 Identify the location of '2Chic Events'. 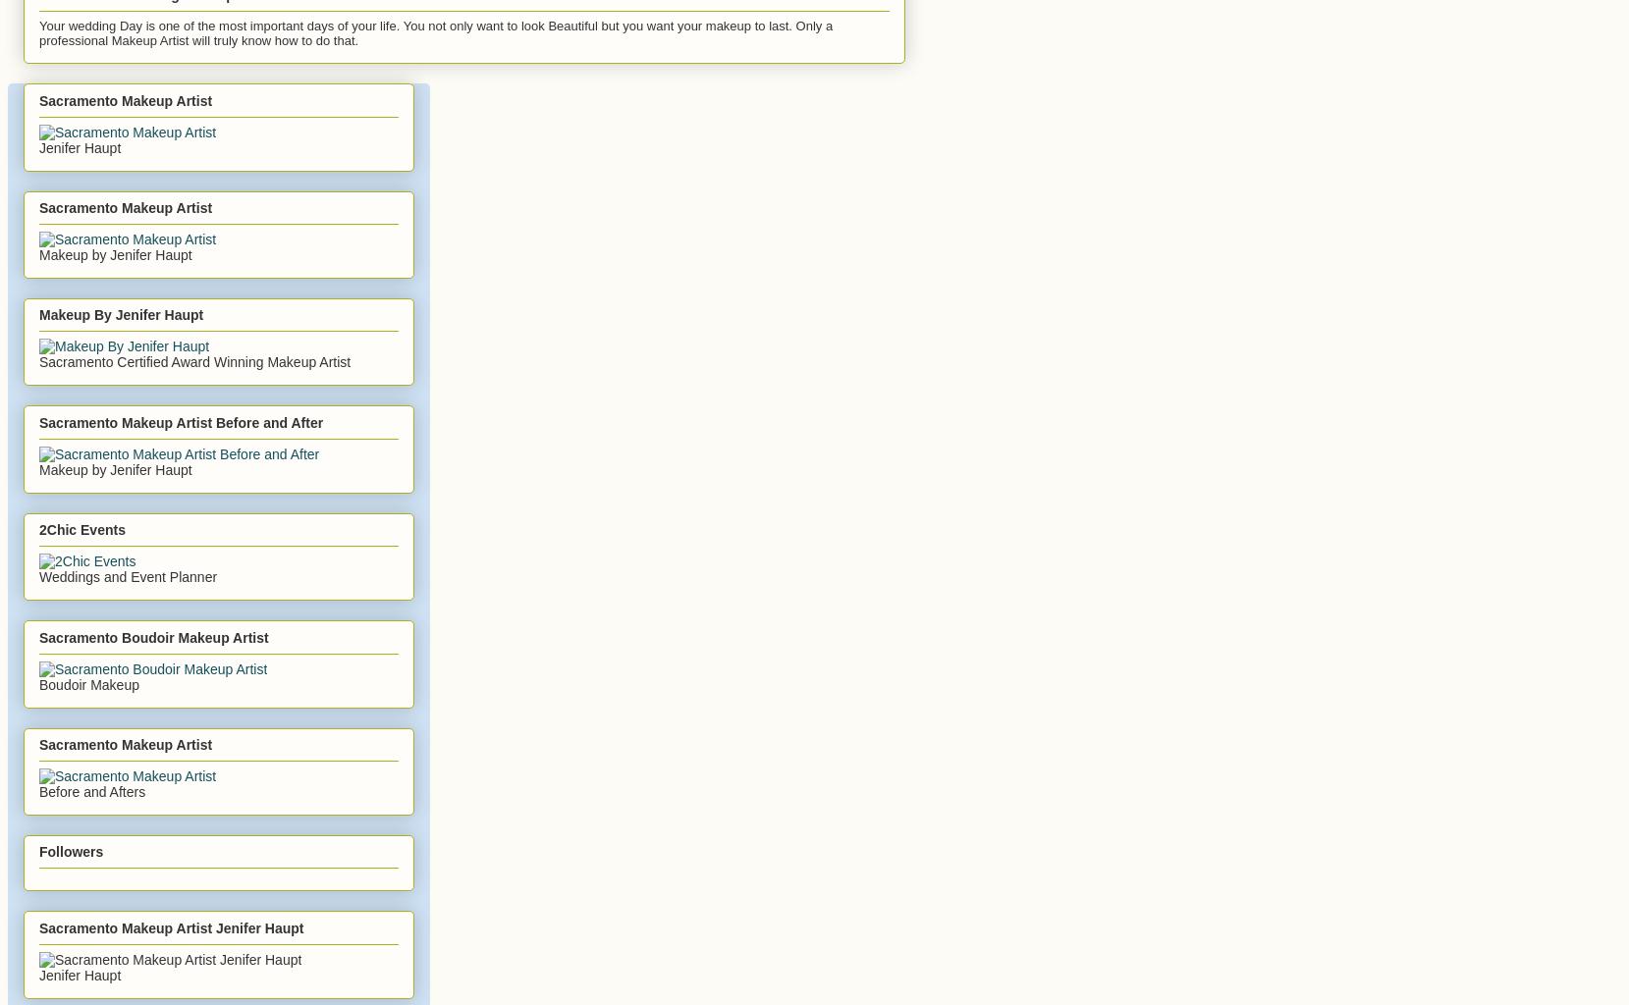
(81, 529).